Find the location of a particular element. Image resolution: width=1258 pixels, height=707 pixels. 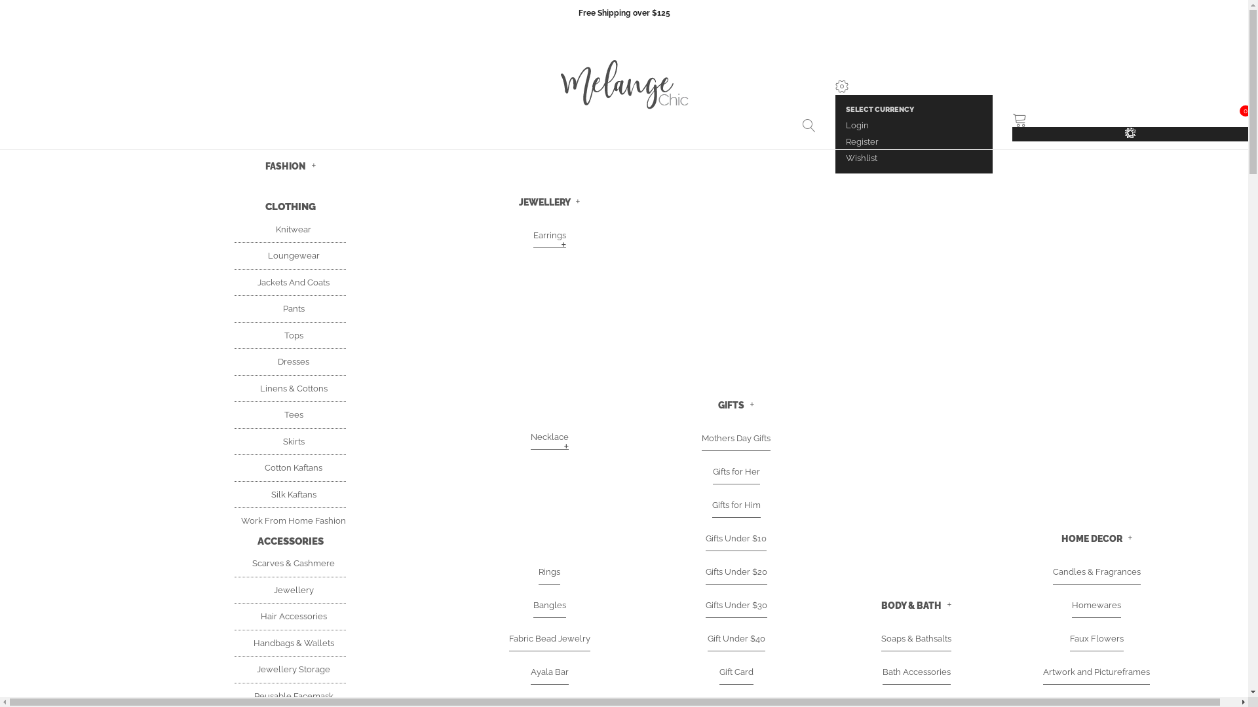

'Handbags & Wallets' is located at coordinates (289, 642).